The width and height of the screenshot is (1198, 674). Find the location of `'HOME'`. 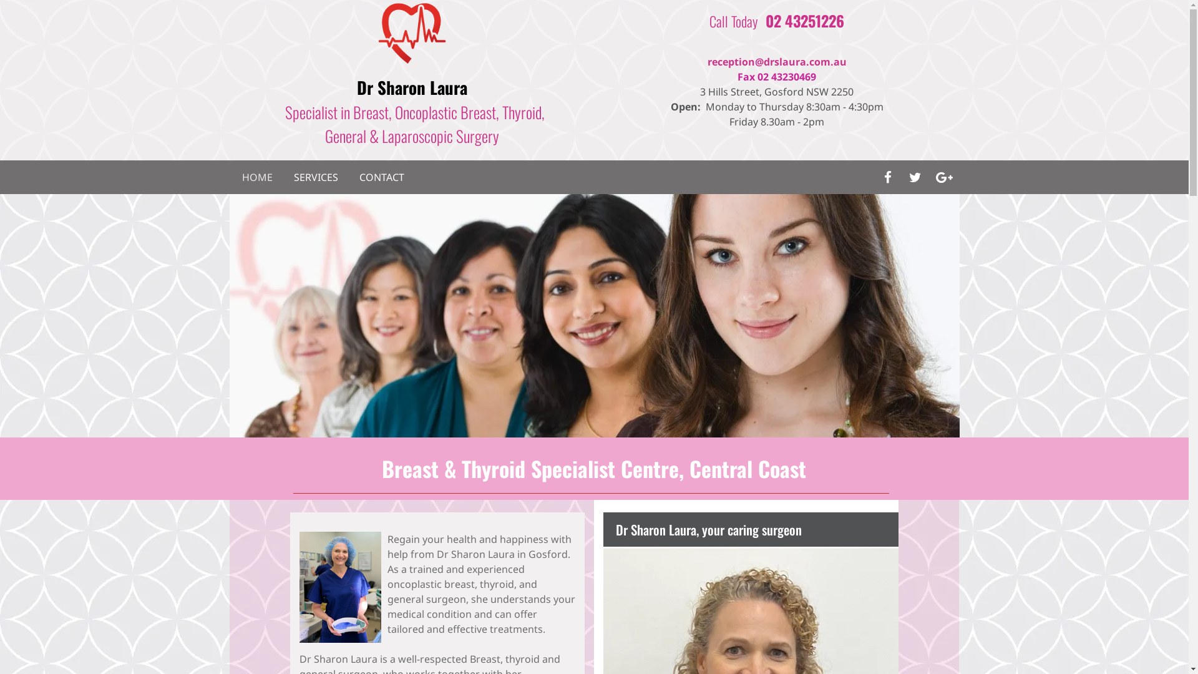

'HOME' is located at coordinates (256, 177).